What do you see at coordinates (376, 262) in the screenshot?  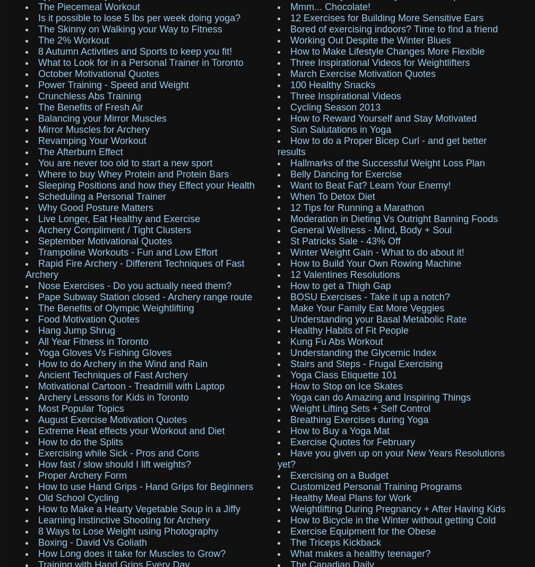 I see `'How to Build Your Own Rowing Machine'` at bounding box center [376, 262].